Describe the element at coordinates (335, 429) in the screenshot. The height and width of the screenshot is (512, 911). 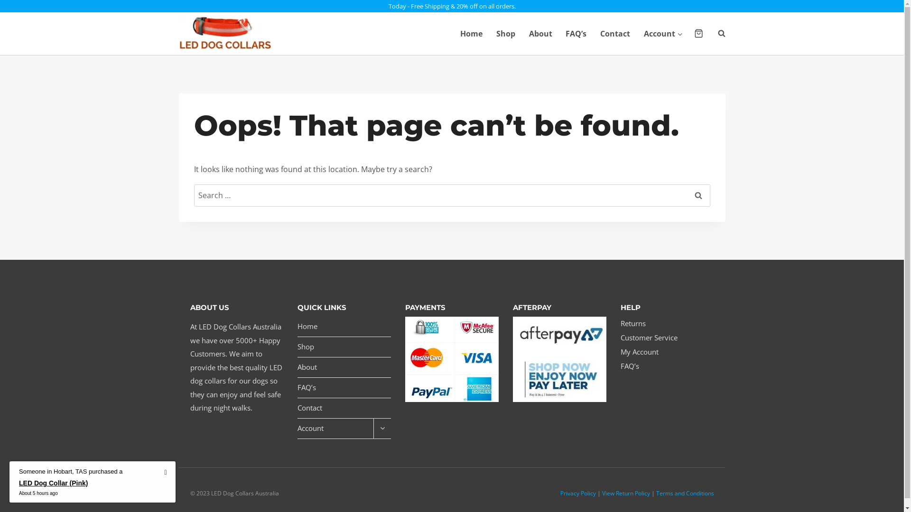
I see `'Account'` at that location.